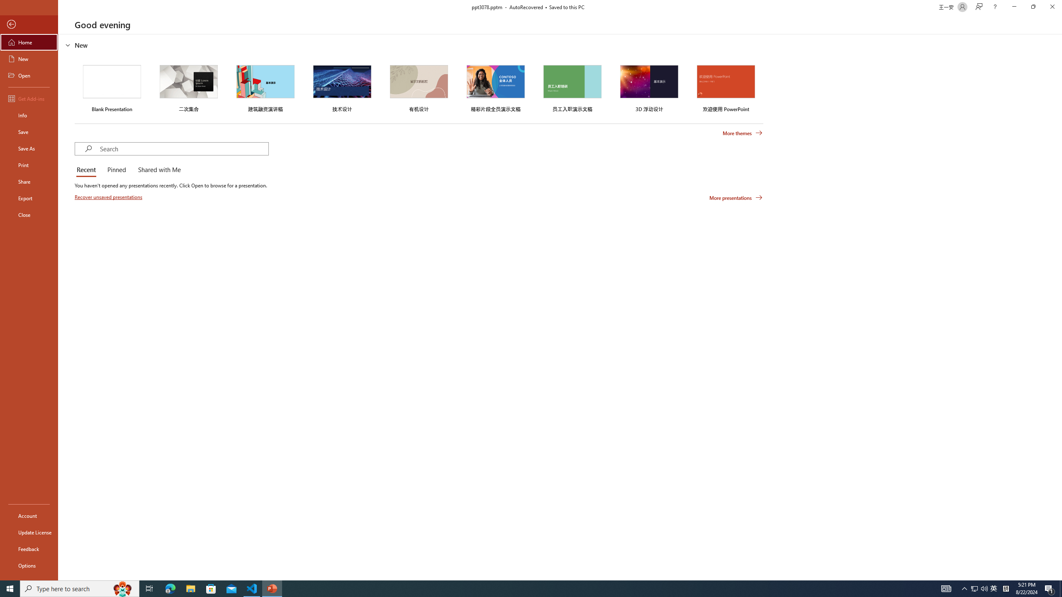 The image size is (1062, 597). Describe the element at coordinates (29, 98) in the screenshot. I see `'Get Add-ins'` at that location.